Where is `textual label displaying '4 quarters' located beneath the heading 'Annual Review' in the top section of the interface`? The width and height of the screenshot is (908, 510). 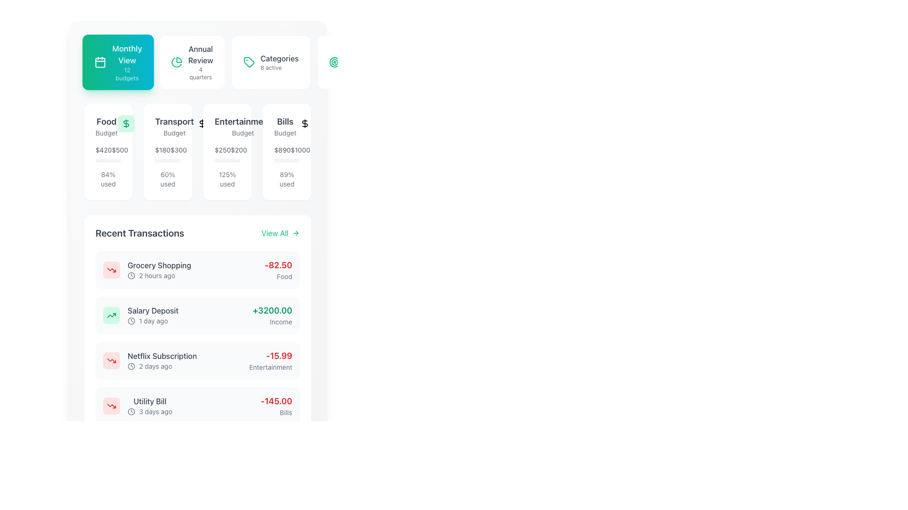 textual label displaying '4 quarters' located beneath the heading 'Annual Review' in the top section of the interface is located at coordinates (200, 73).